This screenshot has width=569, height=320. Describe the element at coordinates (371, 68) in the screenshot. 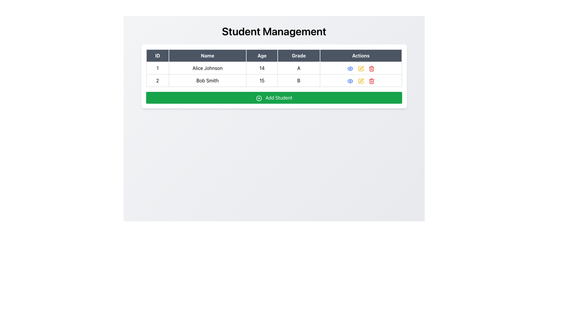

I see `the delete button located in the 'Actions' column of the first row in the table` at that location.